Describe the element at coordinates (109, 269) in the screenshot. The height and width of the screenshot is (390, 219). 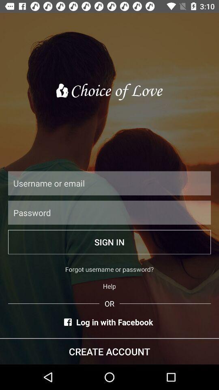
I see `item below the sign in item` at that location.